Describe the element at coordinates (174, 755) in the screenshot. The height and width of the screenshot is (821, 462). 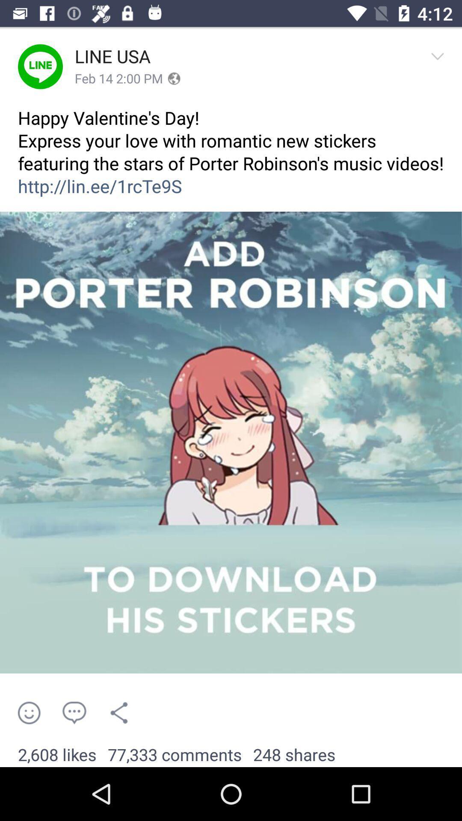
I see `the 77,333 comments app` at that location.